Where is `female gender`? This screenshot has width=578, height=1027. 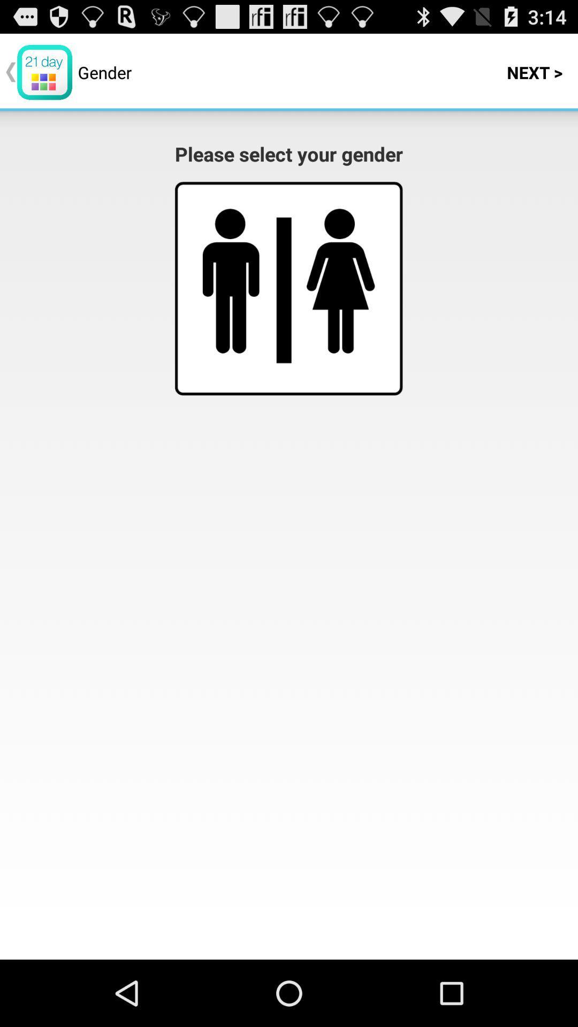 female gender is located at coordinates (340, 281).